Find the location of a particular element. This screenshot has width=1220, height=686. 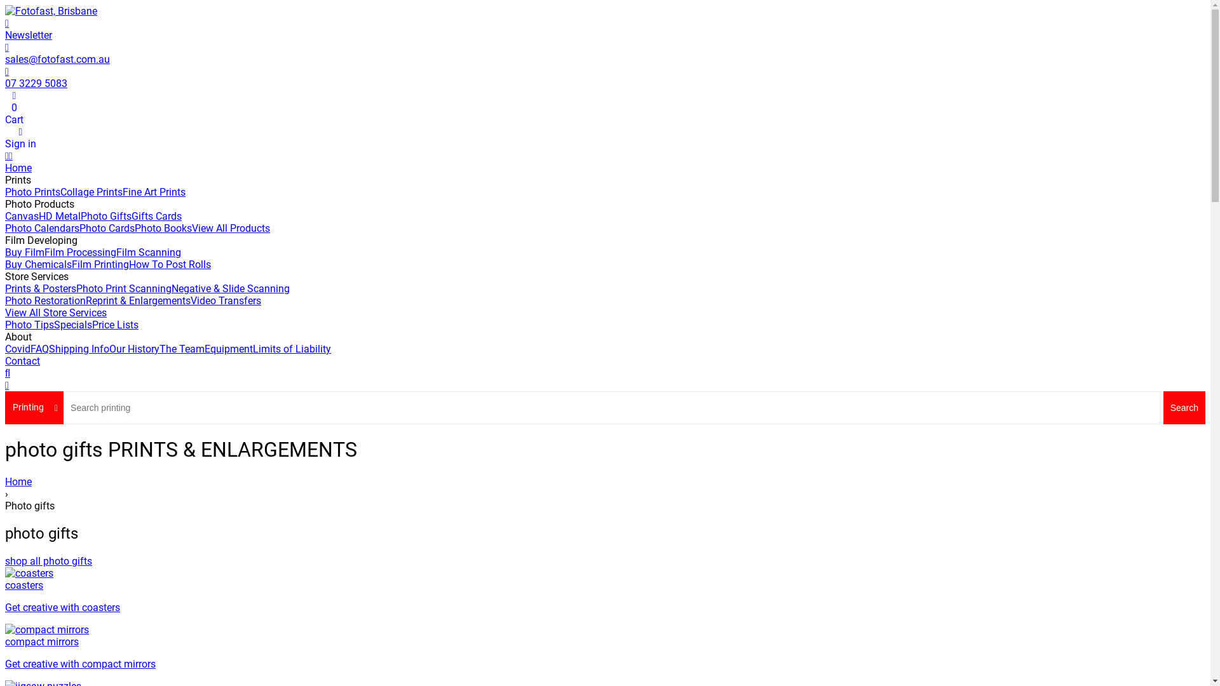

'Video Transfers' is located at coordinates (226, 300).